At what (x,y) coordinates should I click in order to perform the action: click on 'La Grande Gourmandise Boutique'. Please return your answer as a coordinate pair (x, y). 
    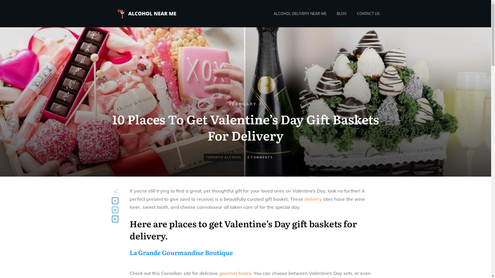
    Looking at the image, I should click on (181, 252).